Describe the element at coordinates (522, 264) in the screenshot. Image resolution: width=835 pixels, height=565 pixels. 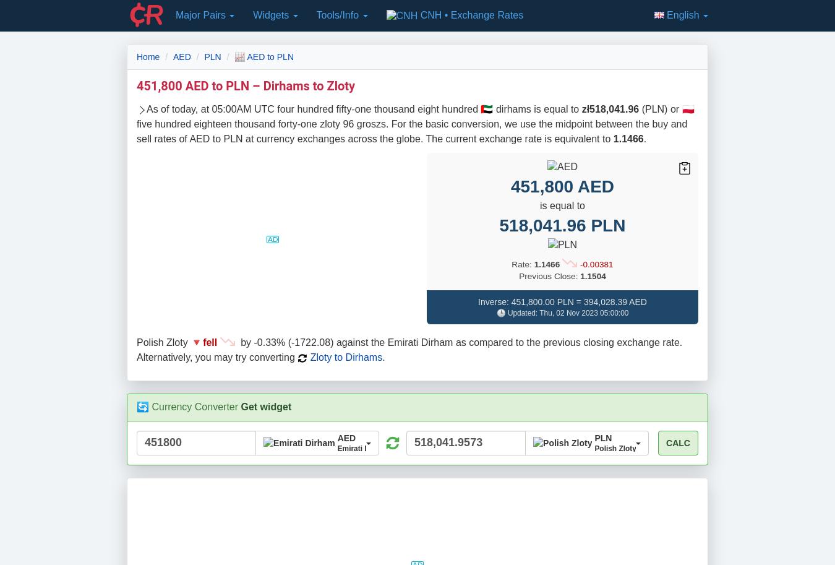
I see `'Rate:'` at that location.